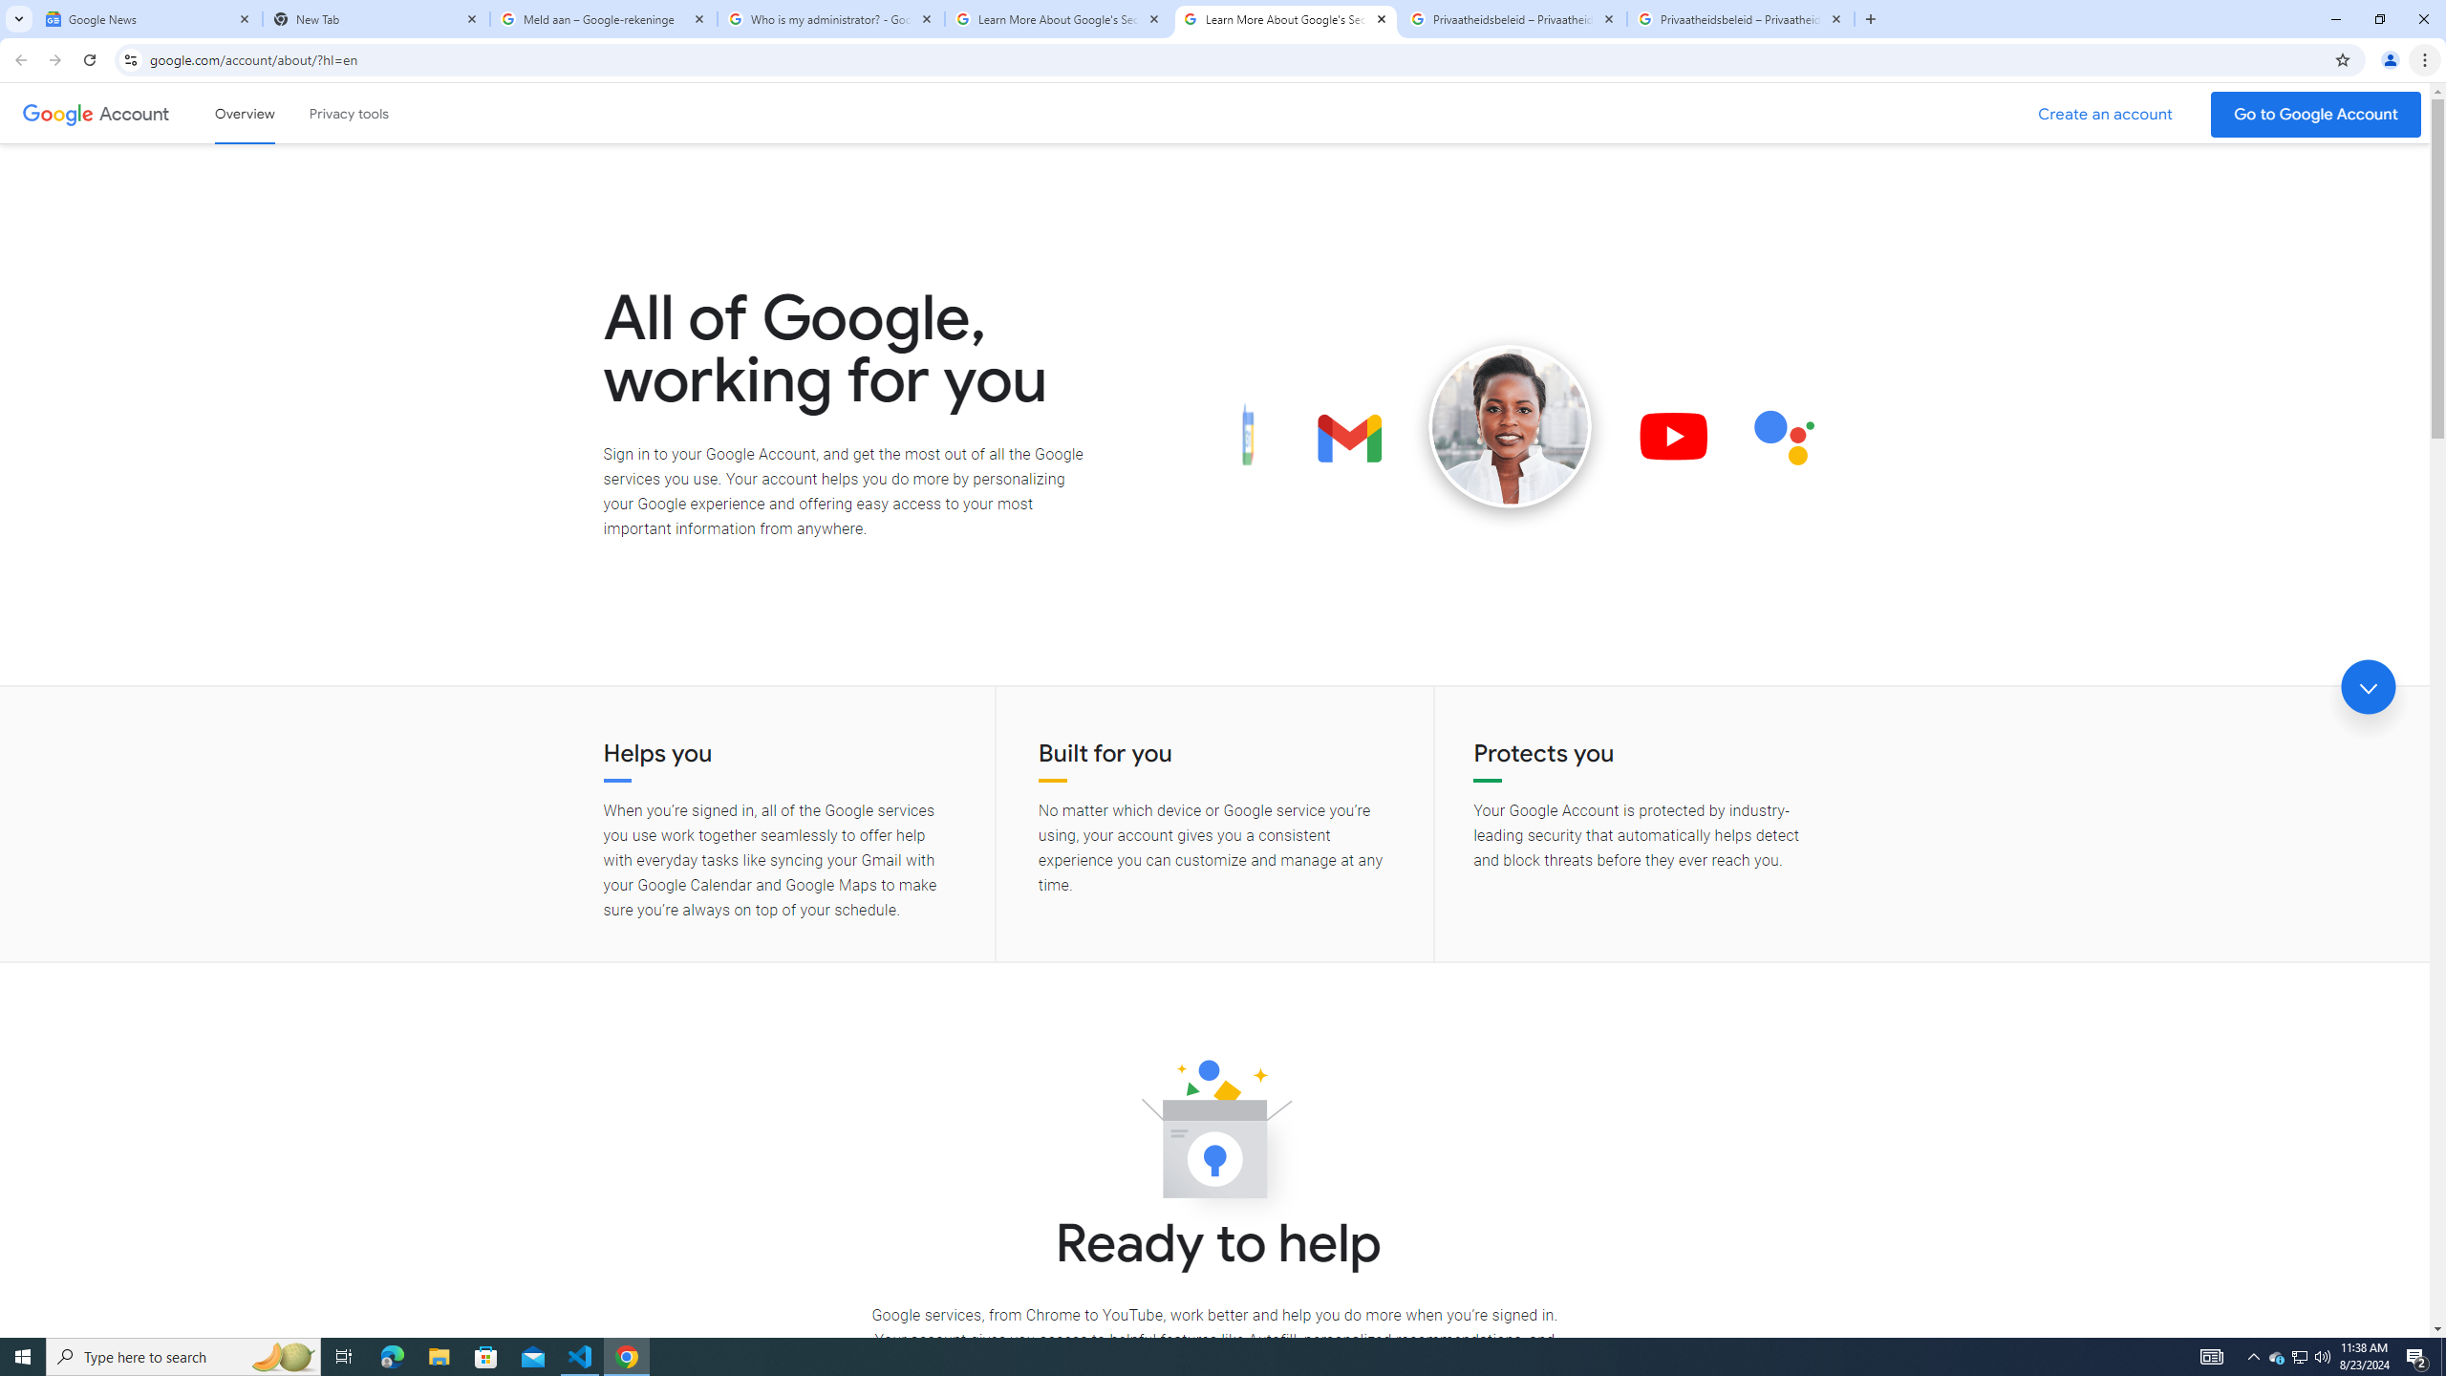 The height and width of the screenshot is (1376, 2446). I want to click on 'Minimize', so click(2334, 18).